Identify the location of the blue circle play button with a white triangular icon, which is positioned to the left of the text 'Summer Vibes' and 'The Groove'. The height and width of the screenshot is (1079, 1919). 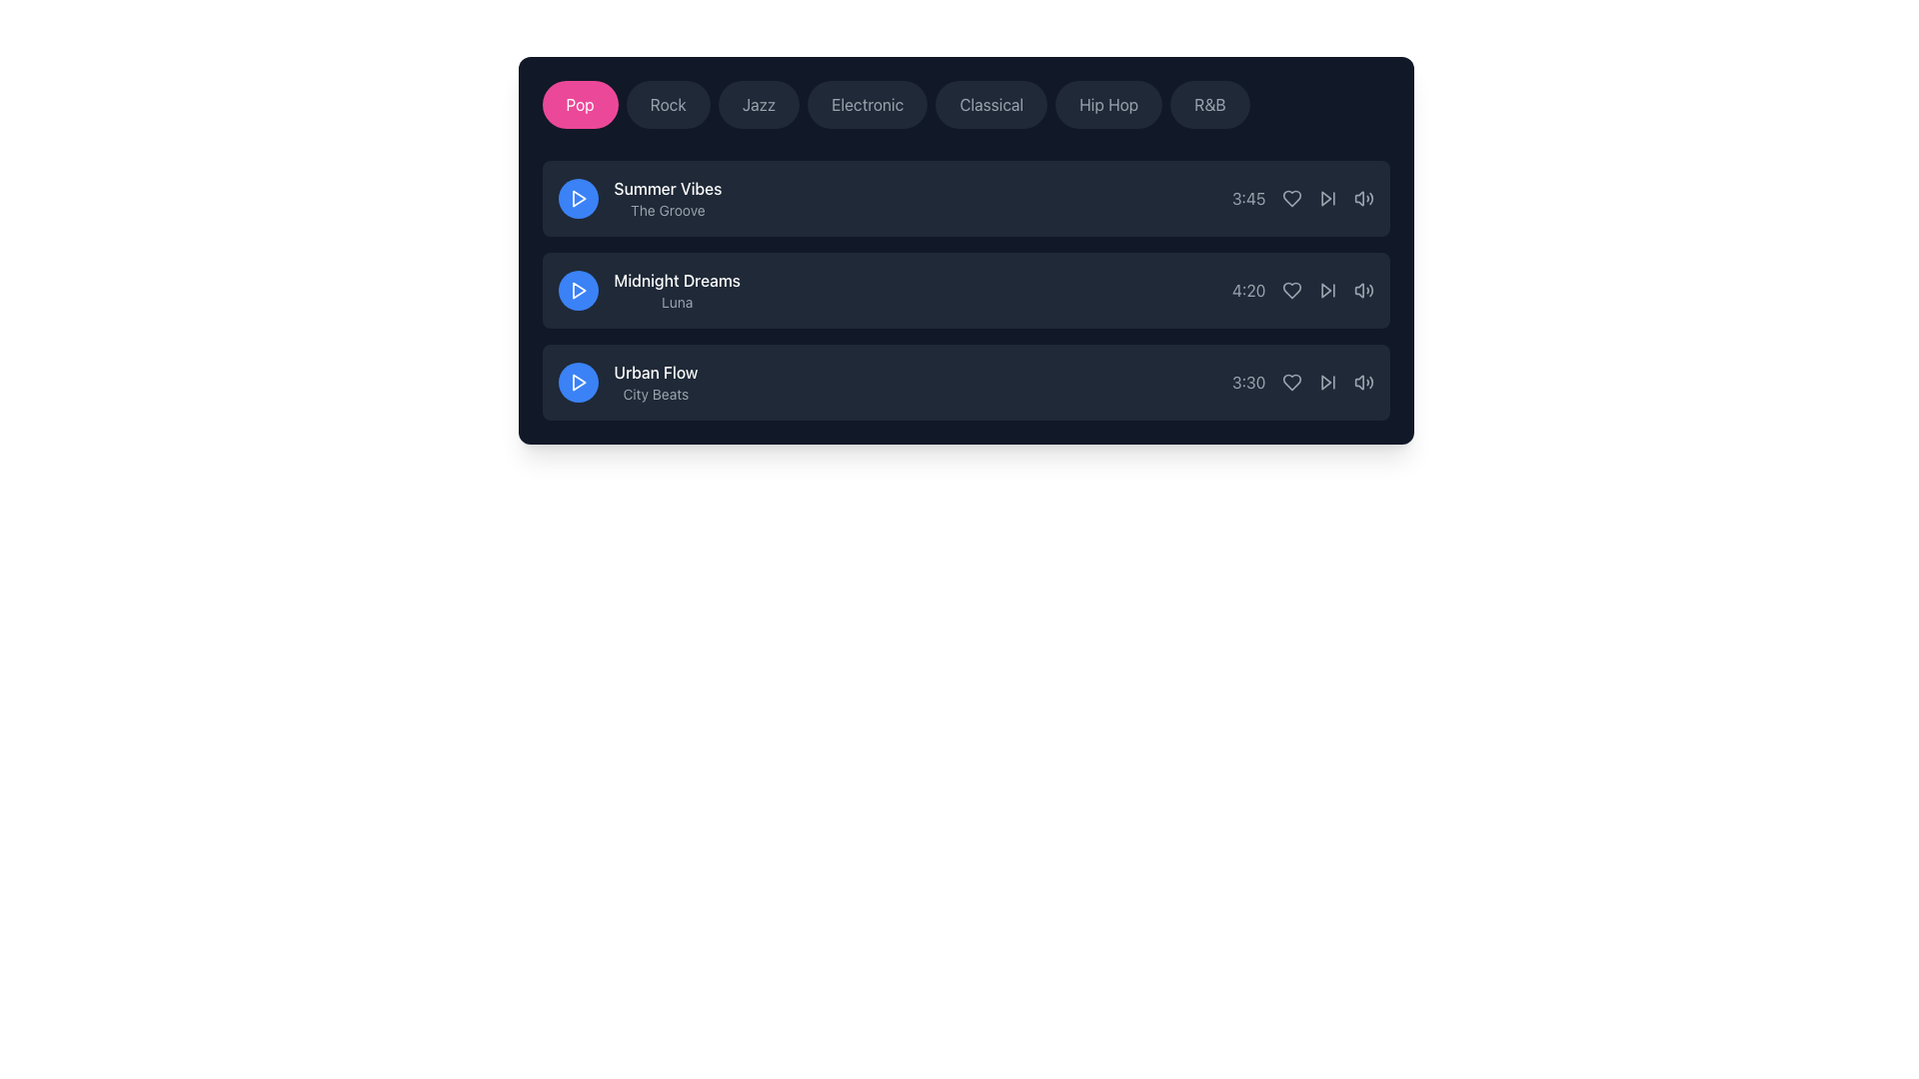
(577, 199).